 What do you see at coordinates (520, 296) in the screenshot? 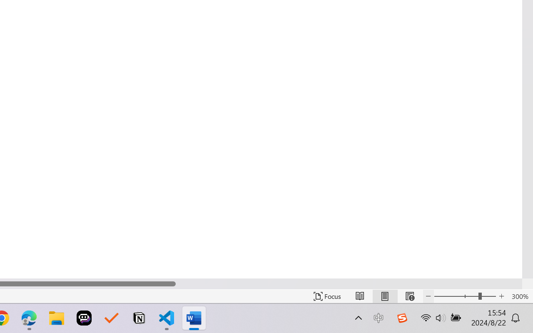
I see `'Zoom 300%'` at bounding box center [520, 296].